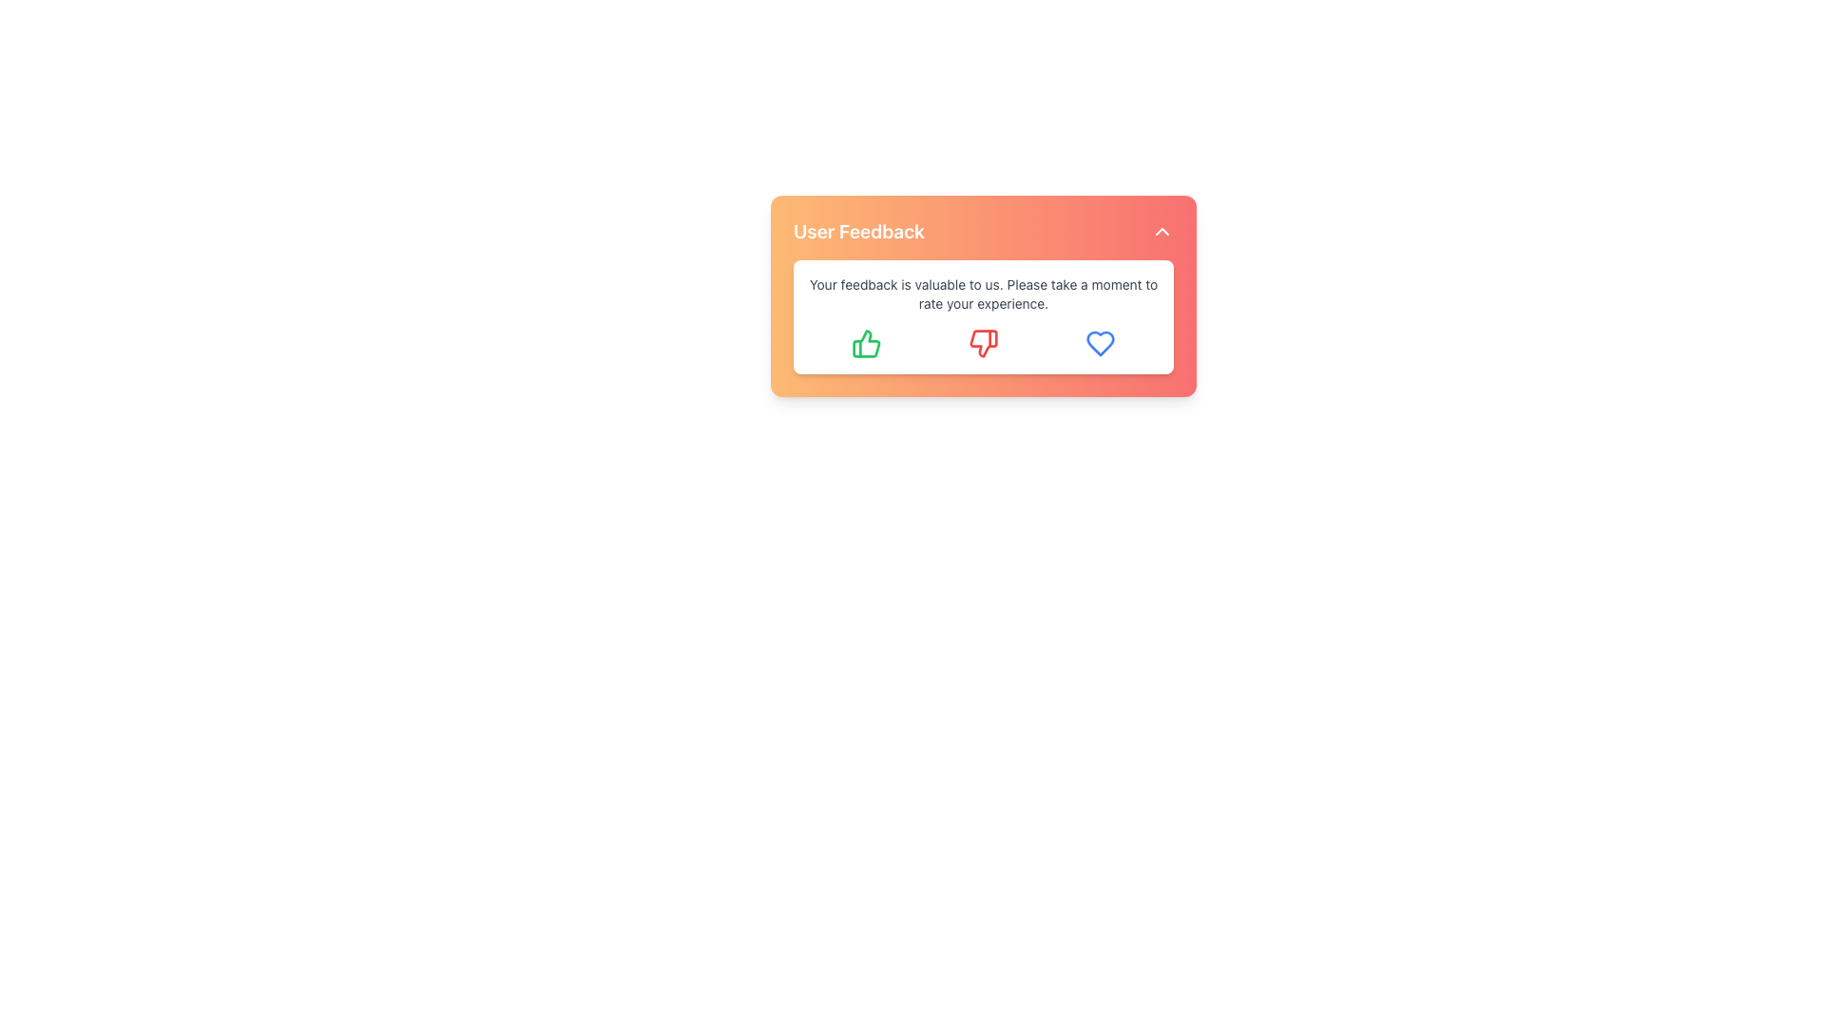 The height and width of the screenshot is (1026, 1825). What do you see at coordinates (984, 316) in the screenshot?
I see `text content of the Informational Section, which is the second major section below 'User Feedback' with a white background and gray font` at bounding box center [984, 316].